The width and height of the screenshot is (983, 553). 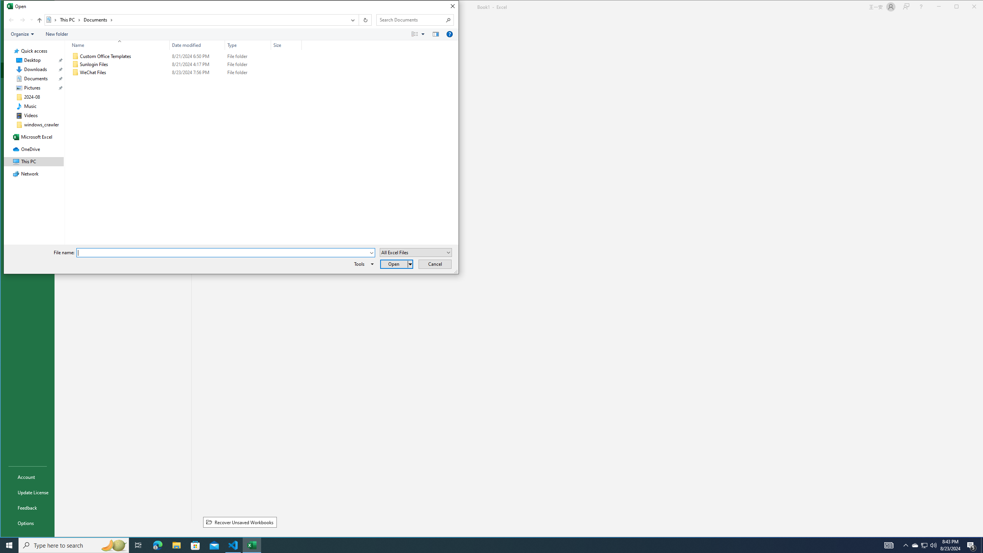 I want to click on 'Views', so click(x=419, y=34).